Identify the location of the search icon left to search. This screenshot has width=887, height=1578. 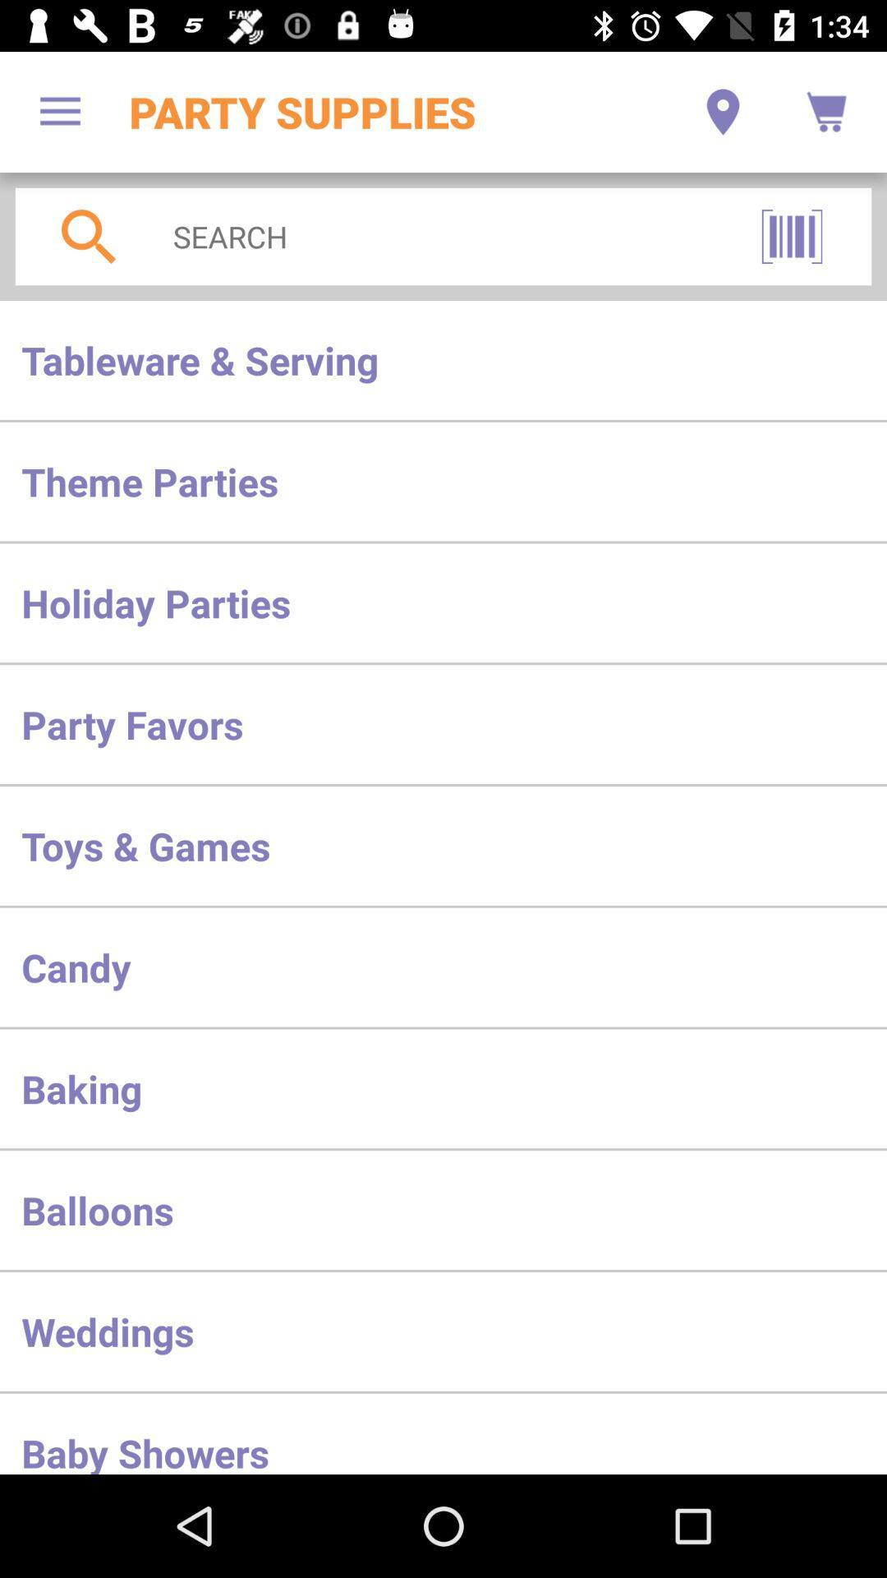
(89, 236).